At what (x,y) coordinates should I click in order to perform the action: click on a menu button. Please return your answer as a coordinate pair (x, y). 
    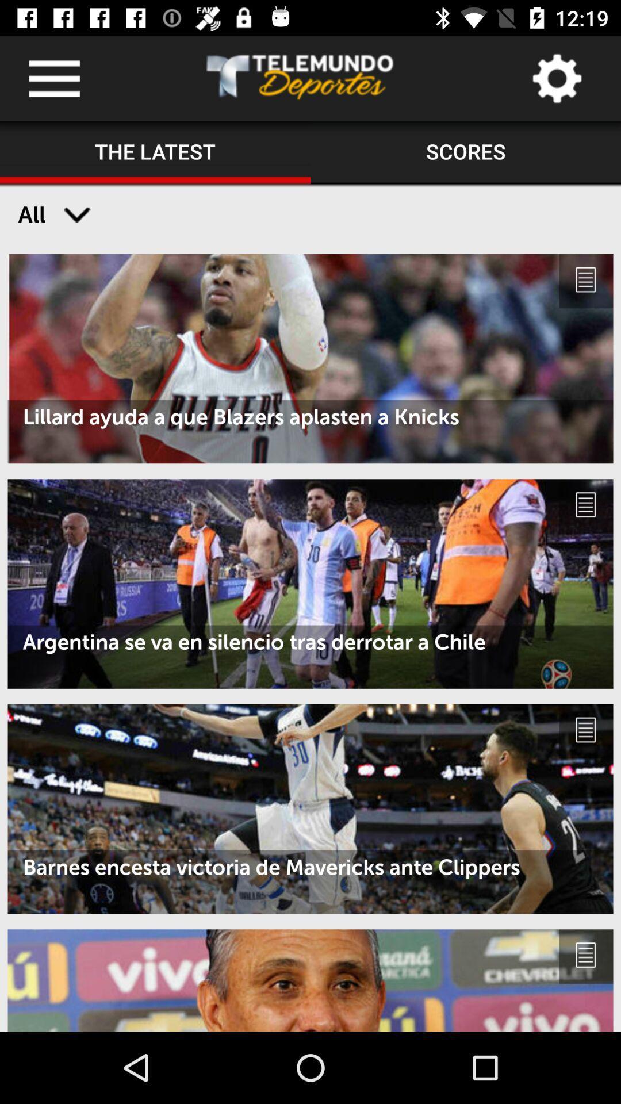
    Looking at the image, I should click on (54, 78).